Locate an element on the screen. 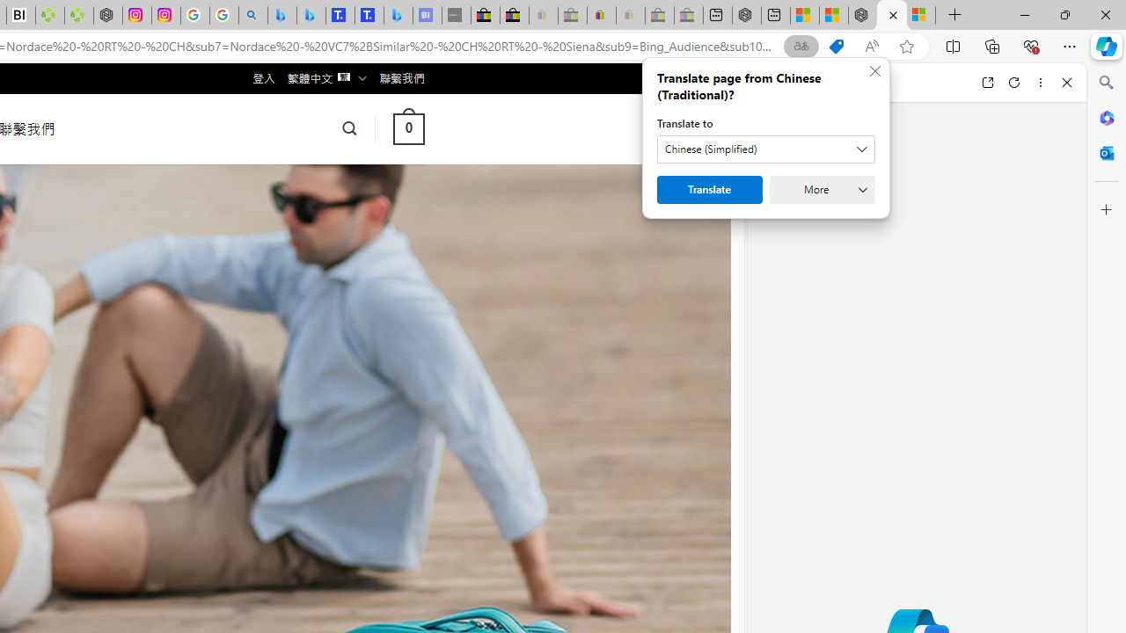 The image size is (1126, 633). 'Press Room - eBay Inc. - Sleeping' is located at coordinates (658, 15).